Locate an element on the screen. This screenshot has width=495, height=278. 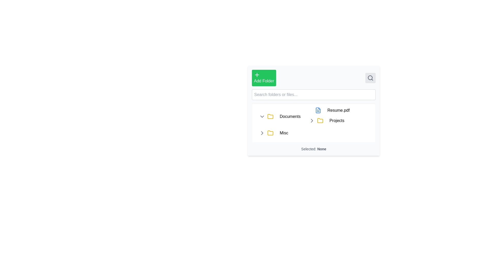
the yellow folder icon located to the left of the 'Projects' text in the folder section is located at coordinates (320, 121).